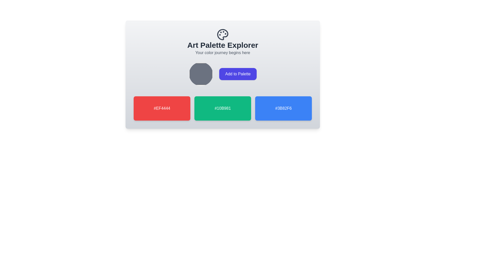 This screenshot has width=486, height=273. What do you see at coordinates (222, 108) in the screenshot?
I see `the green button with the text '#10B981', which is positioned below the title 'Art Palette Explorer' and is centered between a red button and a blue button` at bounding box center [222, 108].